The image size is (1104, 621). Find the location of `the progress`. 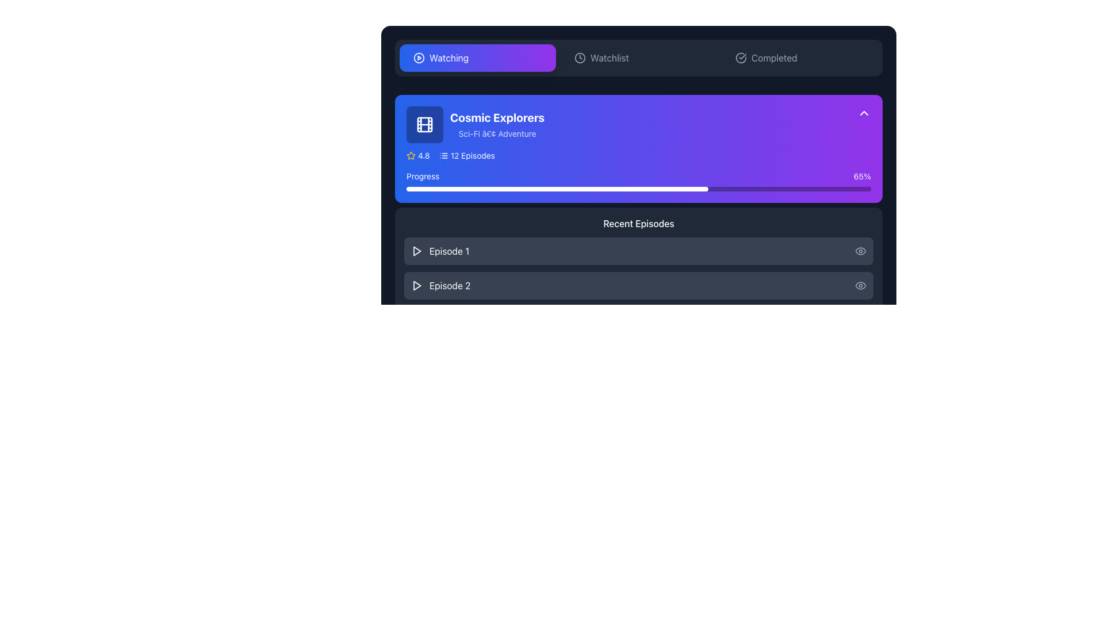

the progress is located at coordinates (588, 451).